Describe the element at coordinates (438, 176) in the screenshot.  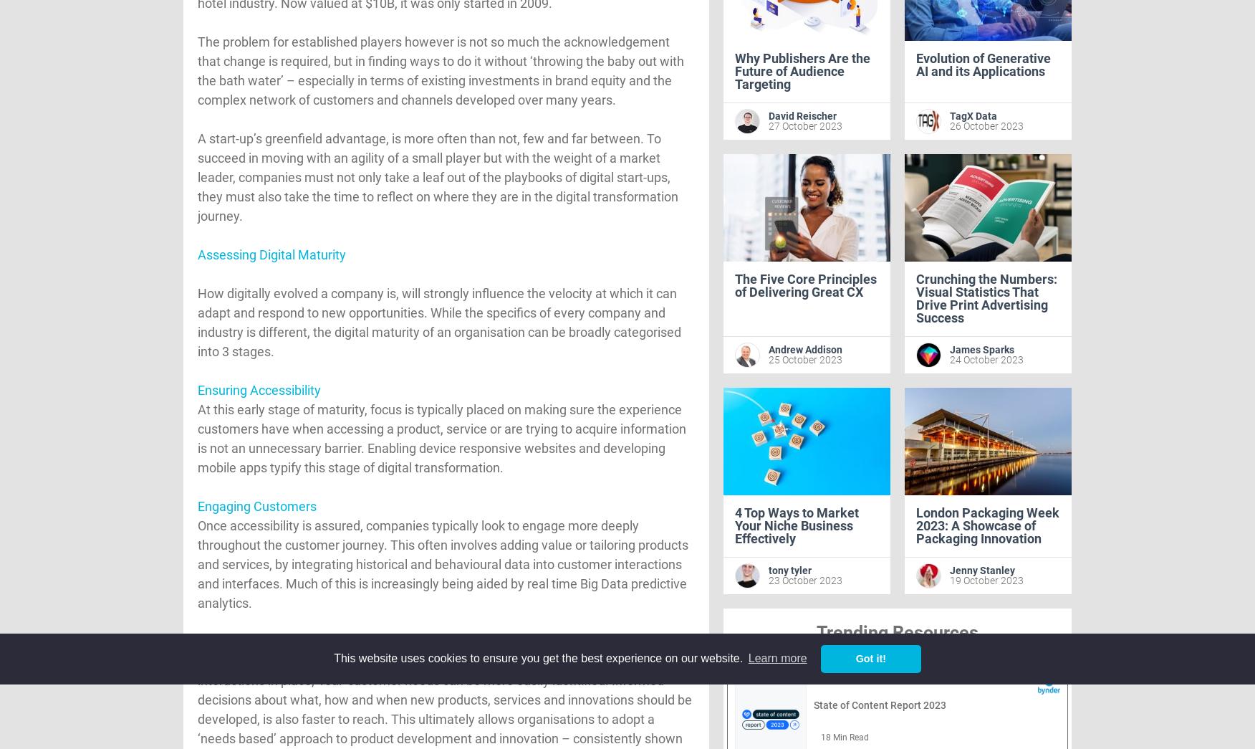
I see `'A start-up’s greenfield advantage, is more often than not, few and far between. To succeed in moving with an agility of a small player but with the weight of a market leader, companies must not only take a leaf out of the playbooks of digital start-ups, they must also take the time to reflect on where they are in the digital transformation journey.'` at that location.